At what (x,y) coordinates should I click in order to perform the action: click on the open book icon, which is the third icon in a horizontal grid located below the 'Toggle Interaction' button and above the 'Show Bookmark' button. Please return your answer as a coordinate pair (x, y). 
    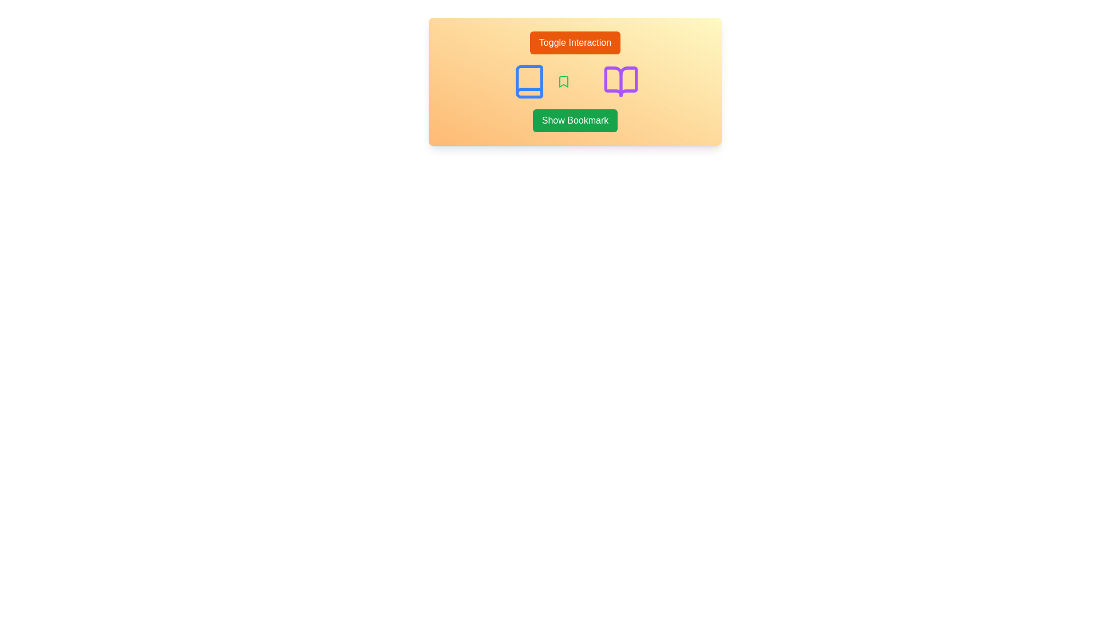
    Looking at the image, I should click on (620, 81).